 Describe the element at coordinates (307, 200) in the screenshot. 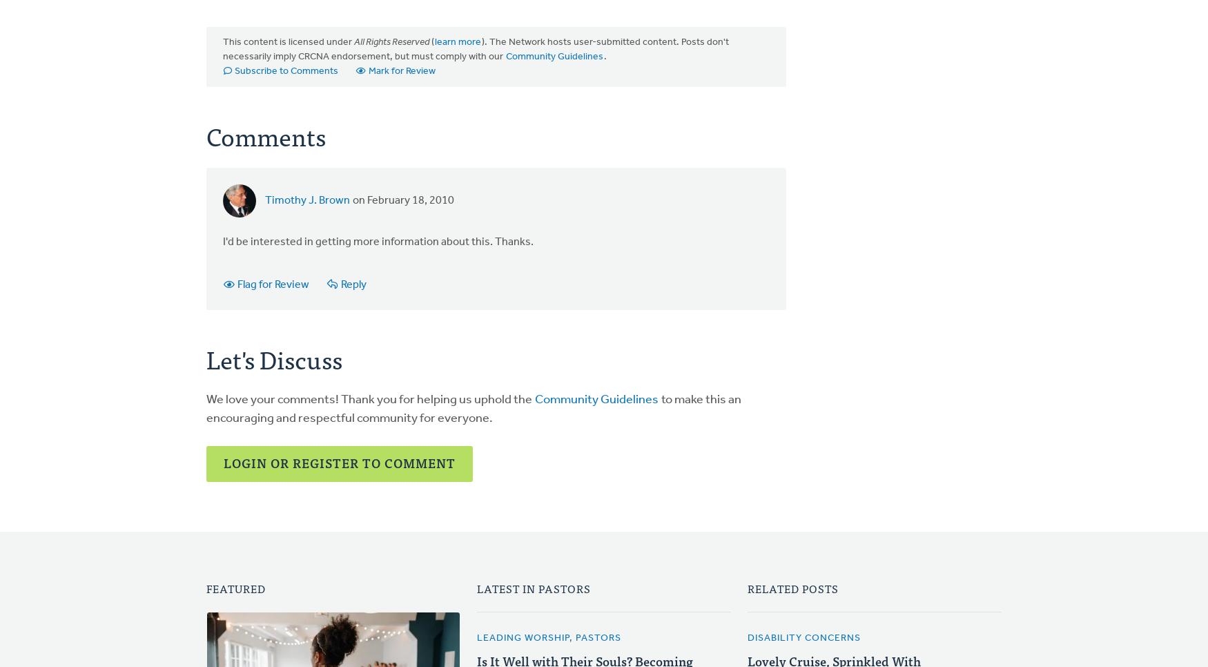

I see `'Timothy J. Brown'` at that location.